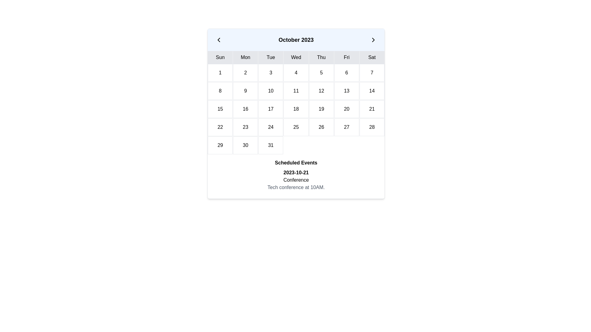 Image resolution: width=591 pixels, height=332 pixels. What do you see at coordinates (372, 91) in the screenshot?
I see `to select the date cell representing the 14th of October 2023 in the calendar interface, located at the second row and seventh column of the grid` at bounding box center [372, 91].